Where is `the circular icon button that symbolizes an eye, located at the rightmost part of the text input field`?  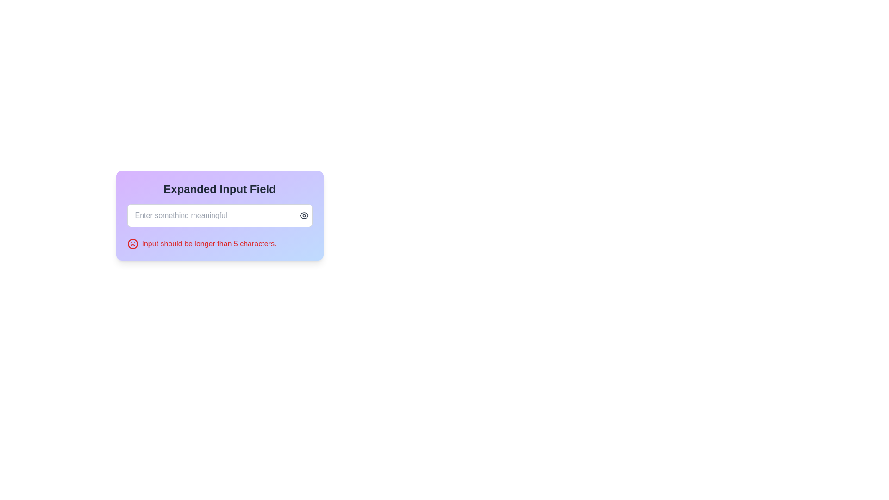
the circular icon button that symbolizes an eye, located at the rightmost part of the text input field is located at coordinates (304, 216).